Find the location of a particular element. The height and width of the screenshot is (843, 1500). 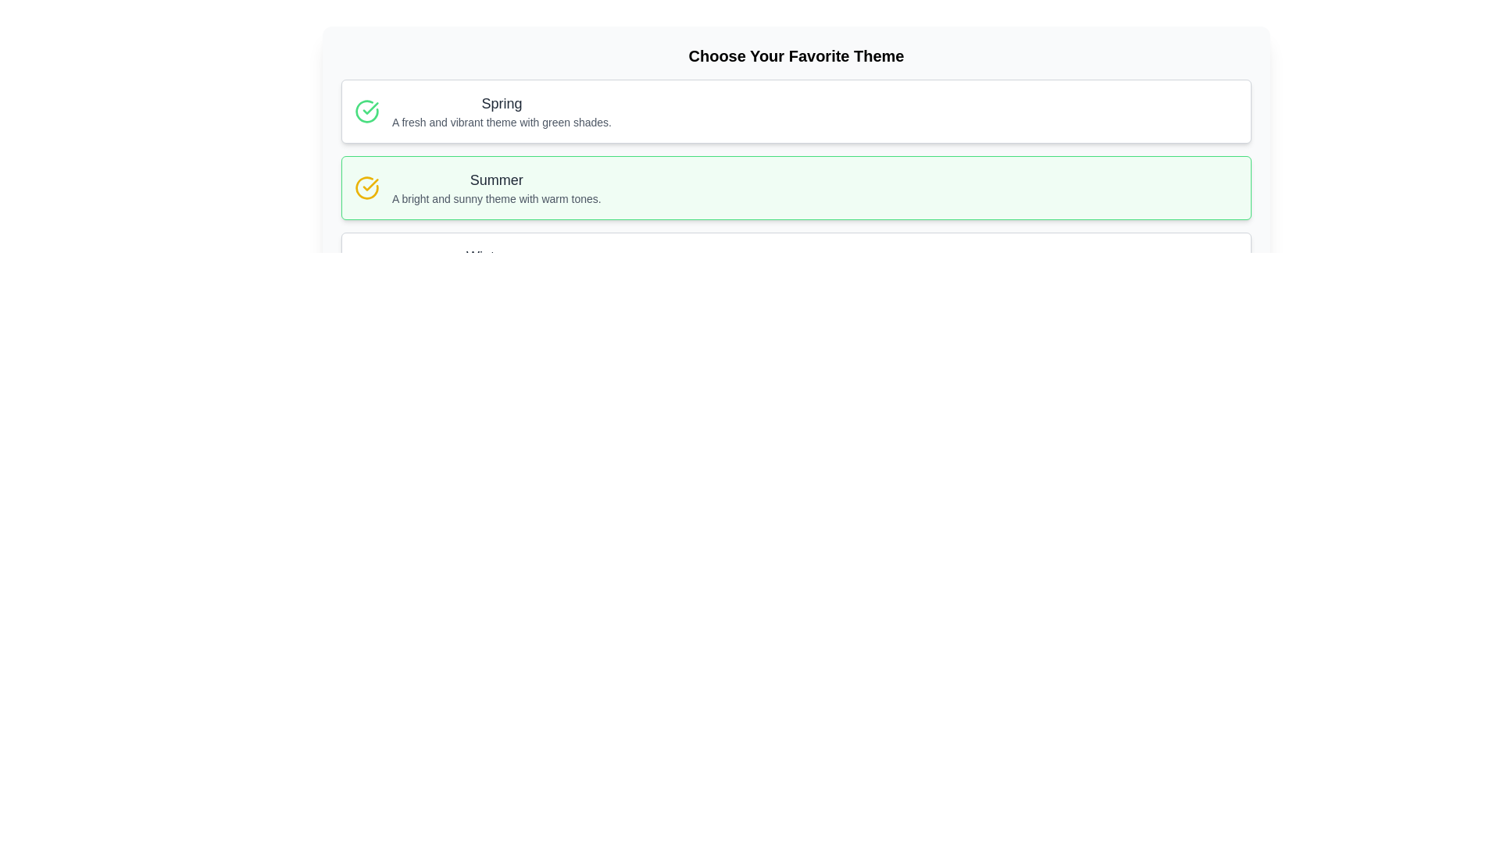

the text label saying 'Summer' which is styled in a medium-sized bold font with a grayish color, located in the center of a green backdrop box, positioned below the 'Spring' theme in the theme selection context is located at coordinates (495, 180).